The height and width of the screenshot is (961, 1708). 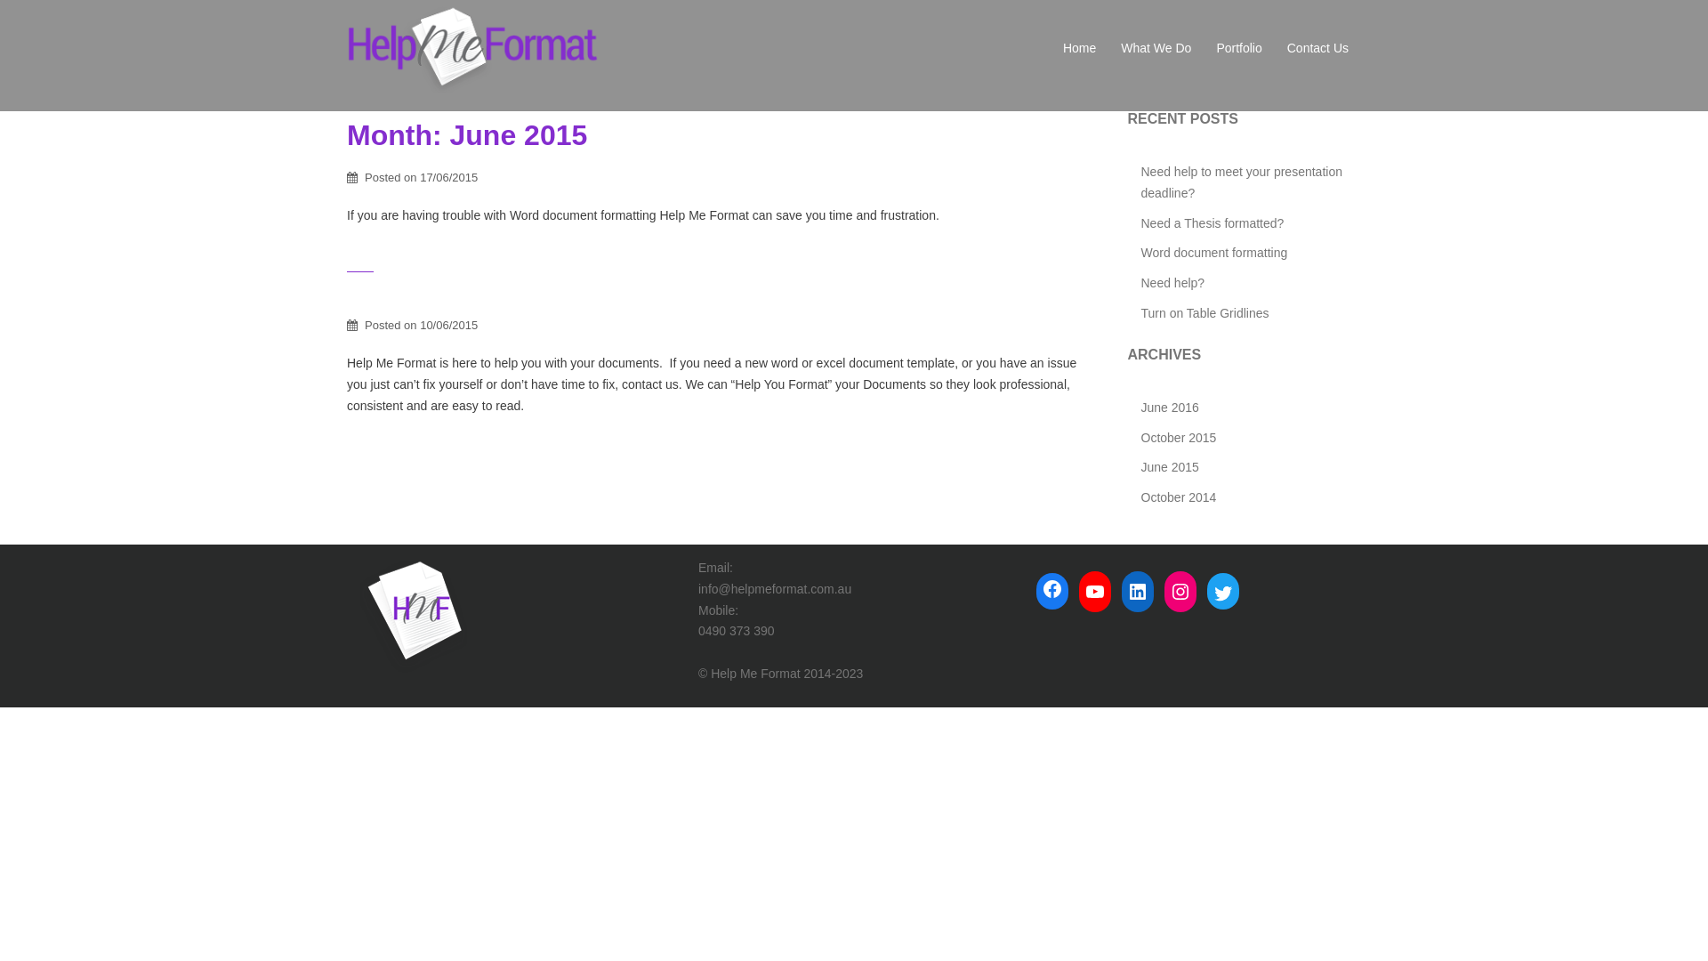 I want to click on 'Facebook', so click(x=1051, y=589).